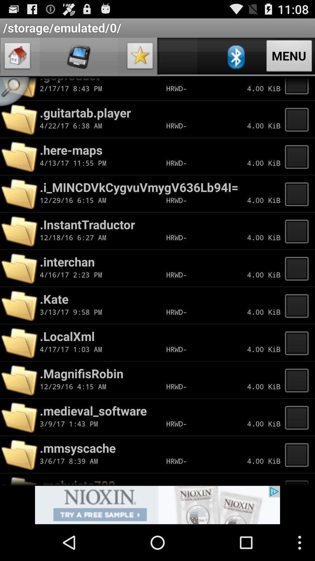  What do you see at coordinates (17, 57) in the screenshot?
I see `go home` at bounding box center [17, 57].